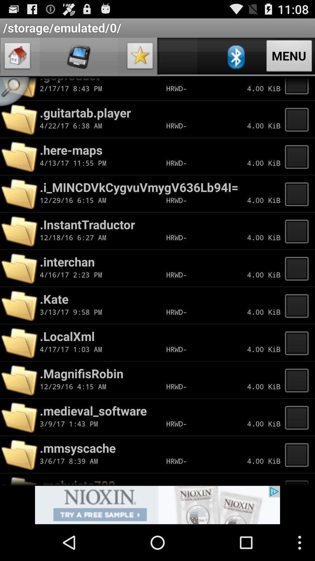  What do you see at coordinates (17, 57) in the screenshot?
I see `go home` at bounding box center [17, 57].